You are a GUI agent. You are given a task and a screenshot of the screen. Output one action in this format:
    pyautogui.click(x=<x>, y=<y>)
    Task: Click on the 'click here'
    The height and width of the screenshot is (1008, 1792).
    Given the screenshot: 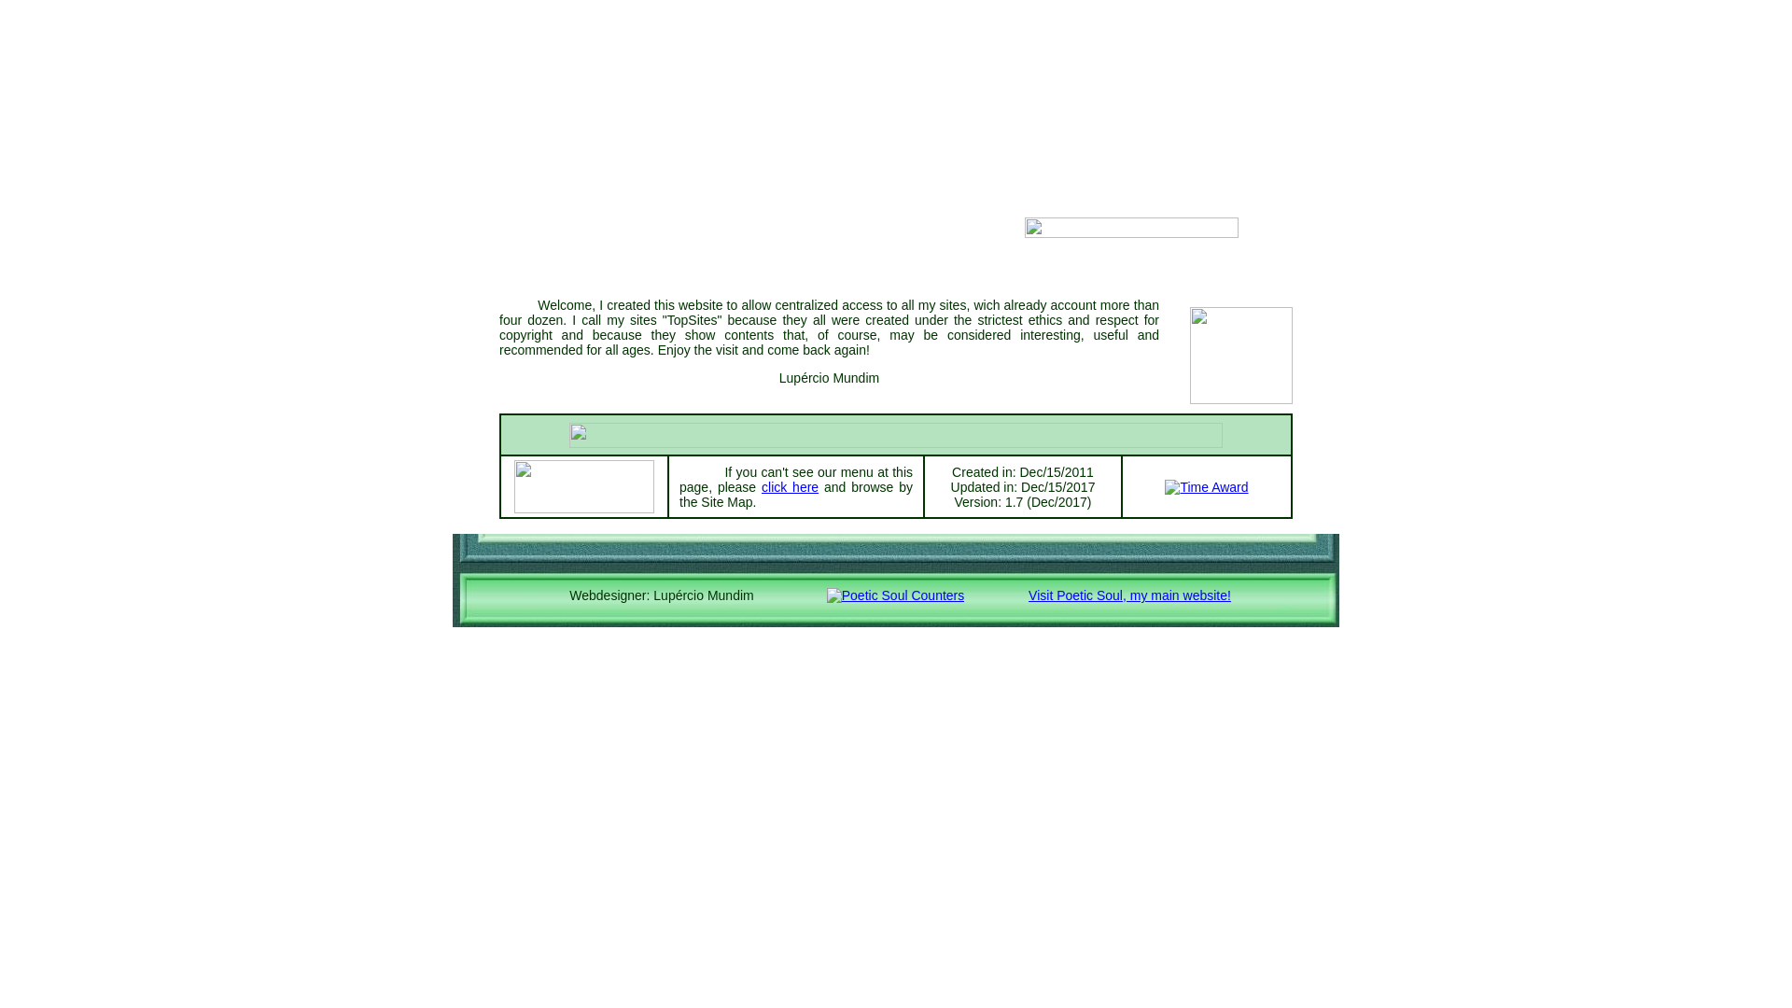 What is the action you would take?
    pyautogui.click(x=790, y=485)
    